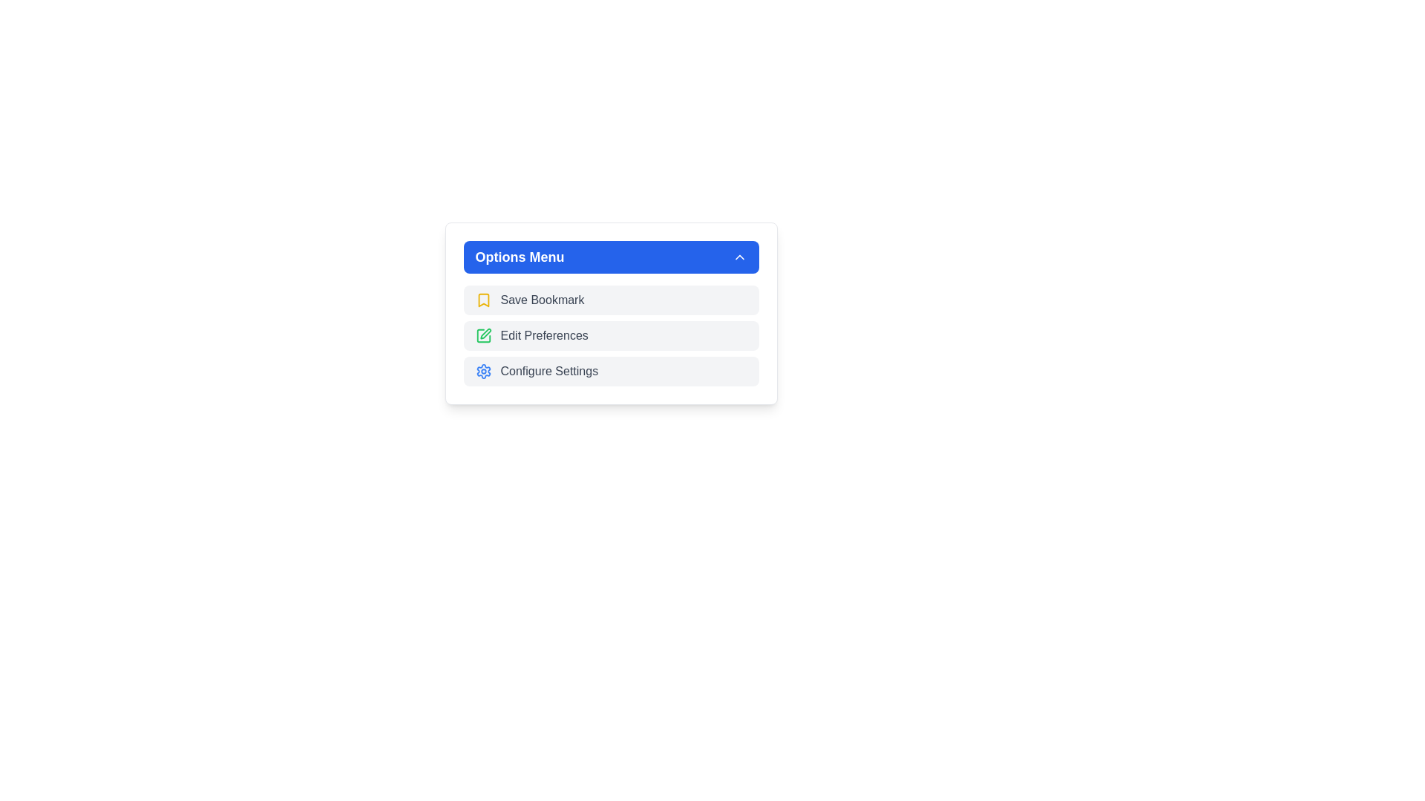  I want to click on the 'Edit Preferences' icon in the 'Options Menu', which is located in the second row next to the text 'Edit Preferences', so click(483, 335).